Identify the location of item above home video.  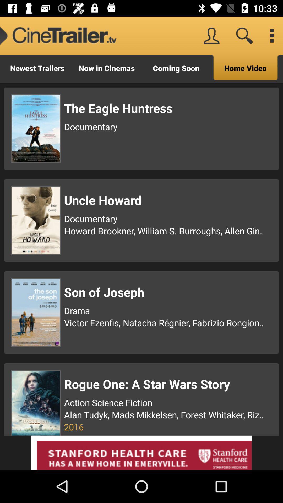
(271, 35).